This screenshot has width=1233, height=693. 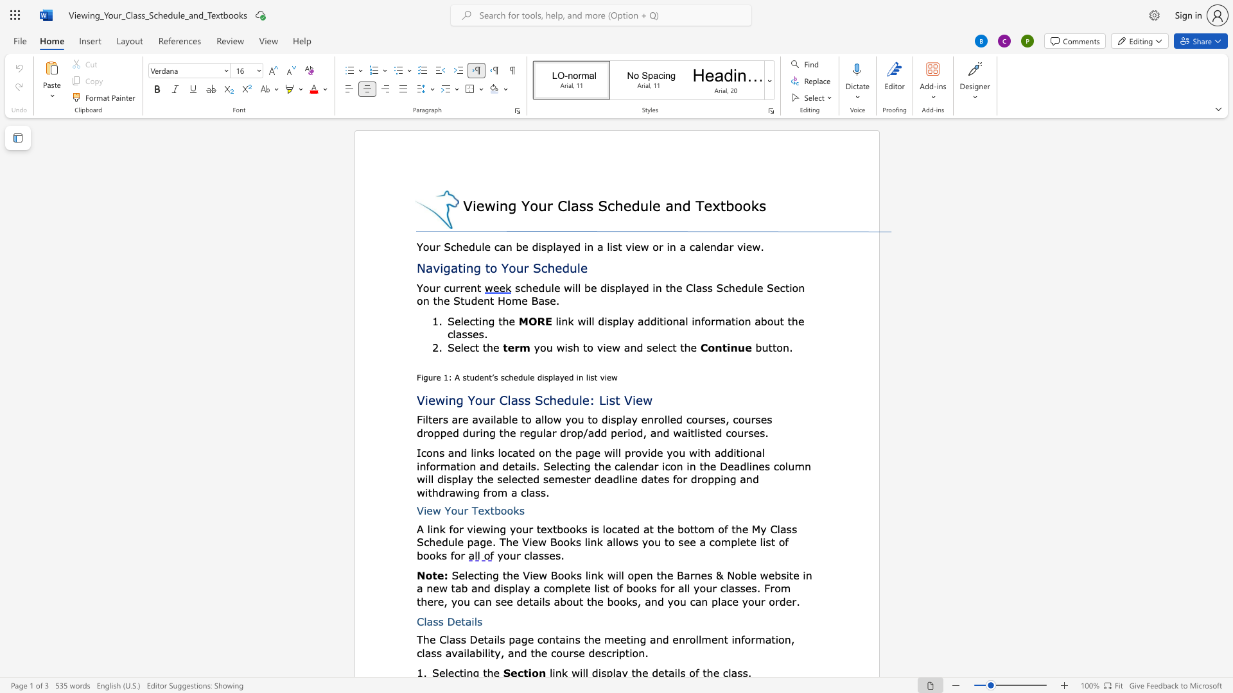 I want to click on the 1th character "u" in the text, so click(x=542, y=205).